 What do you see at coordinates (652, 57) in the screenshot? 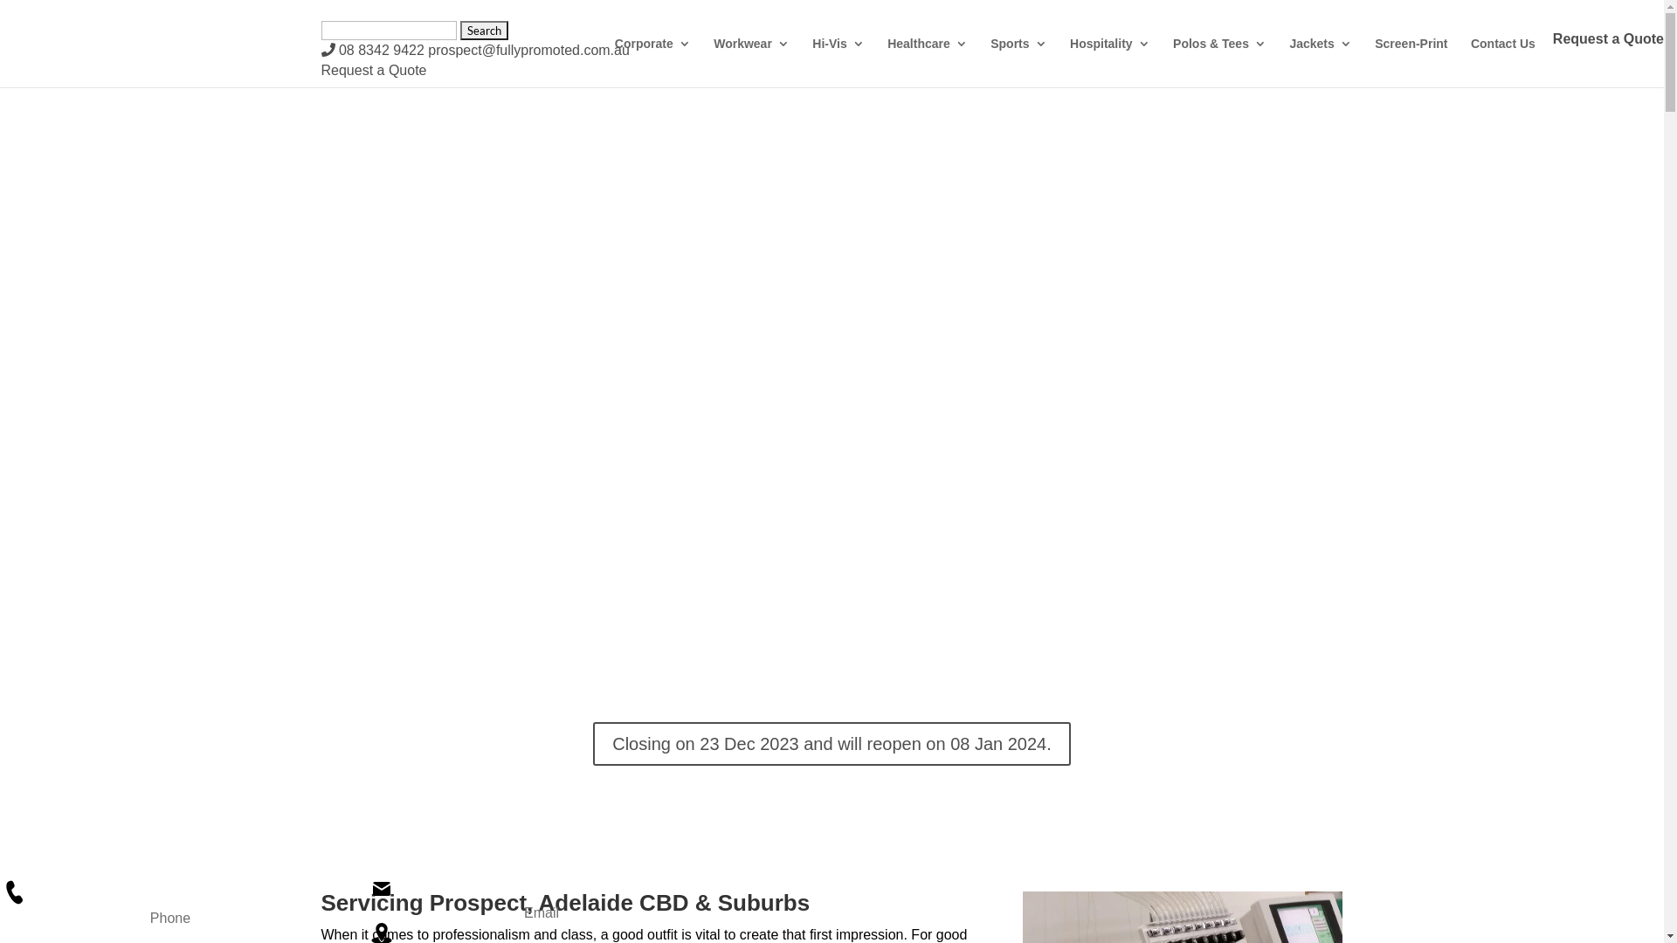
I see `'Corporate'` at bounding box center [652, 57].